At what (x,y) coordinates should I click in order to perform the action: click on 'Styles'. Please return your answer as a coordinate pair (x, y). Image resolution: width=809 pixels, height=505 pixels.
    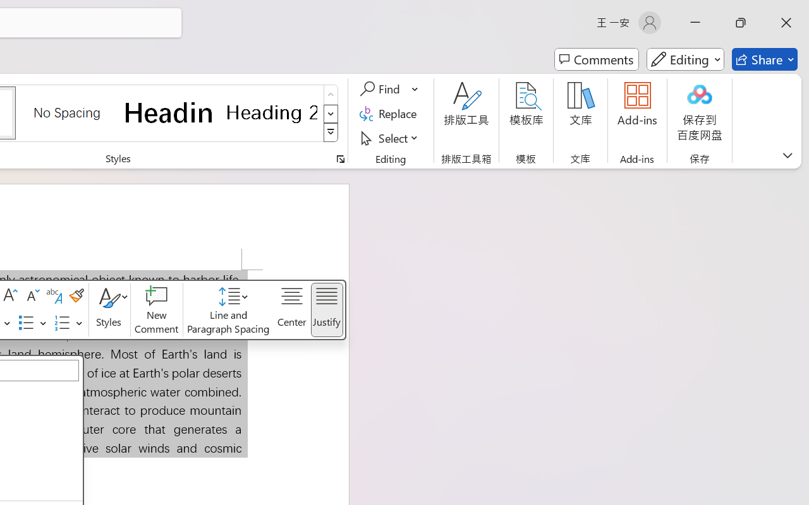
    Looking at the image, I should click on (109, 310).